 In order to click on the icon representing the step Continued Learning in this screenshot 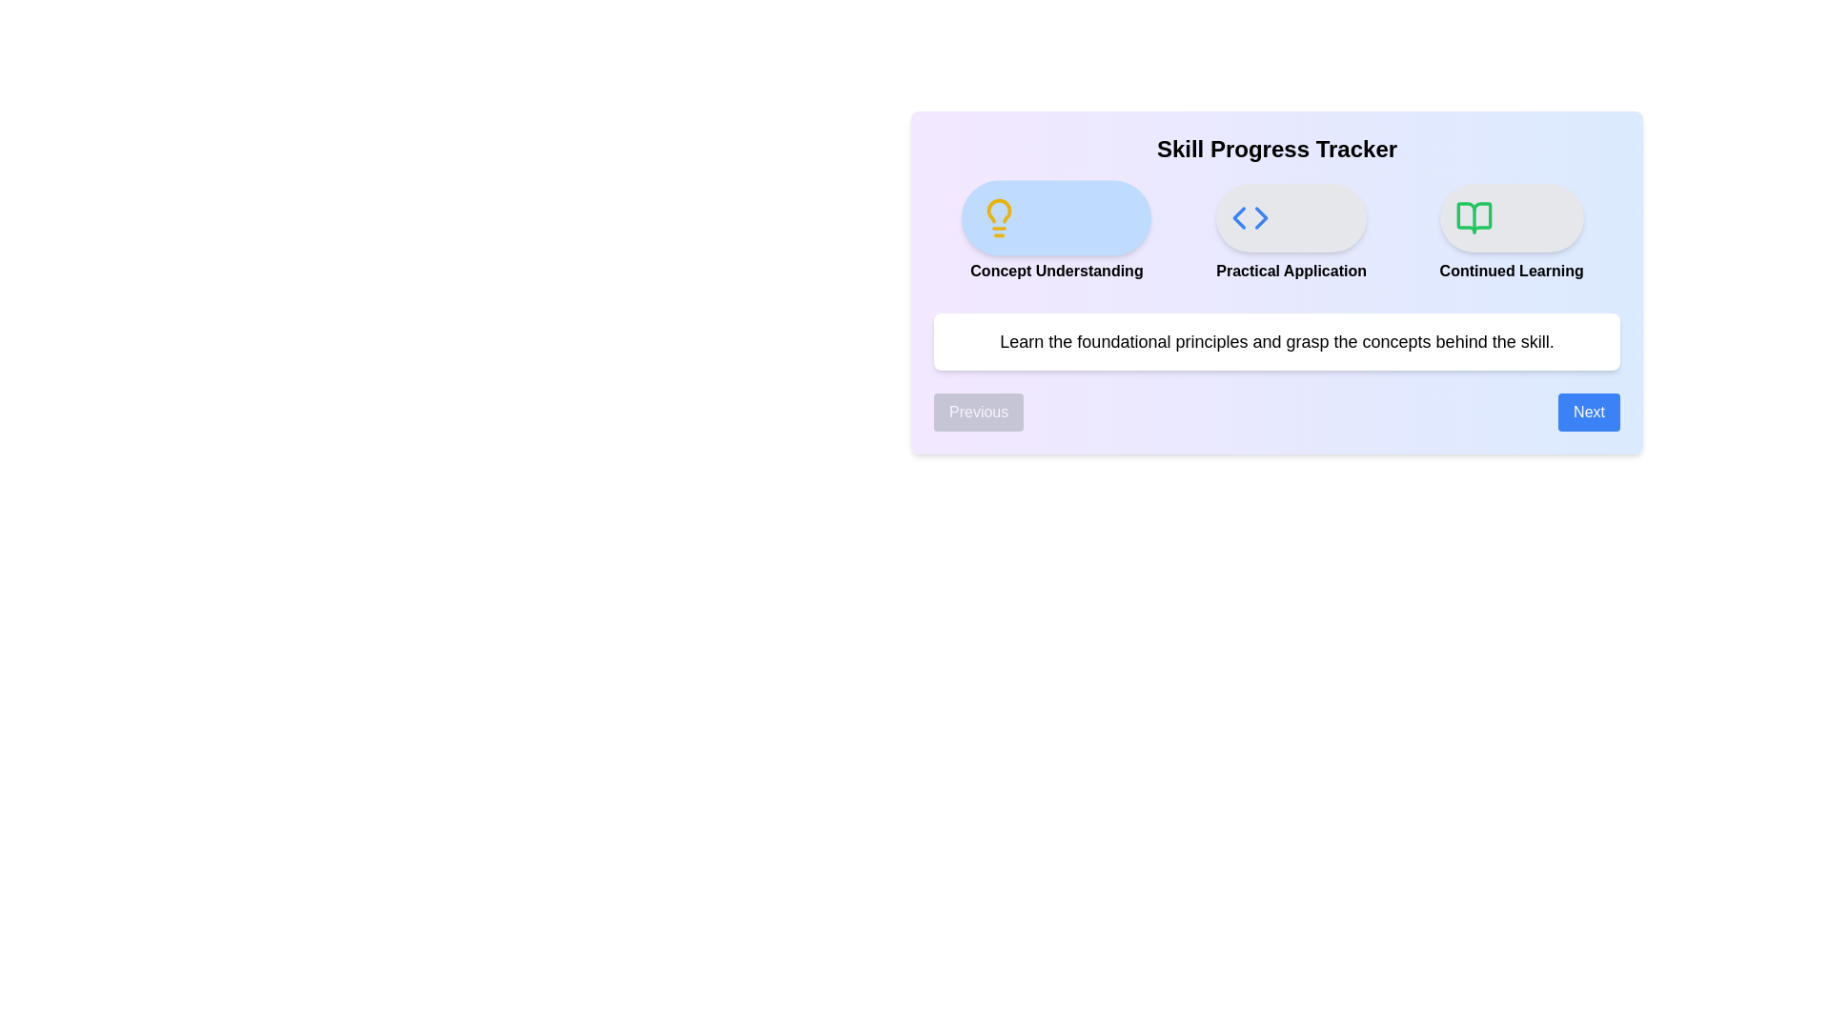, I will do `click(1511, 216)`.